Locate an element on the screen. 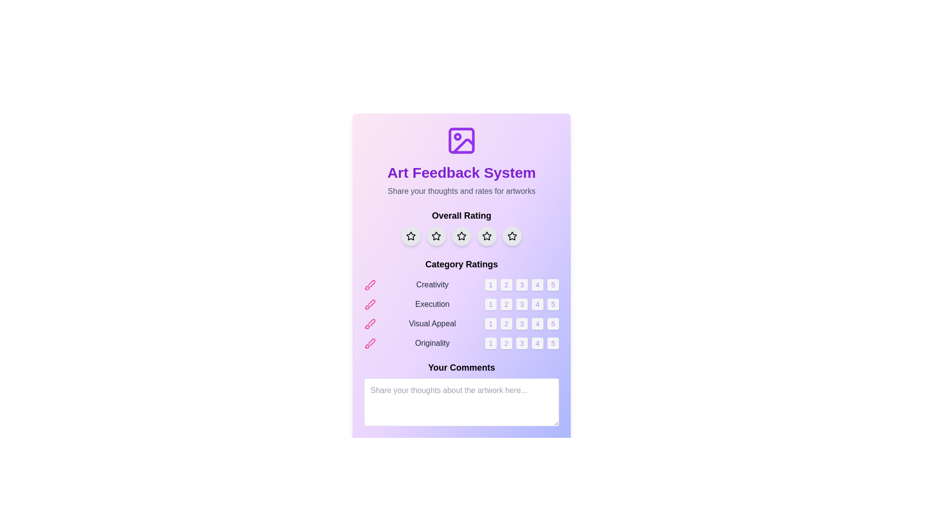 This screenshot has width=935, height=526. the third button in the horizontal sequence for the 'Execution' category is located at coordinates (521, 303).